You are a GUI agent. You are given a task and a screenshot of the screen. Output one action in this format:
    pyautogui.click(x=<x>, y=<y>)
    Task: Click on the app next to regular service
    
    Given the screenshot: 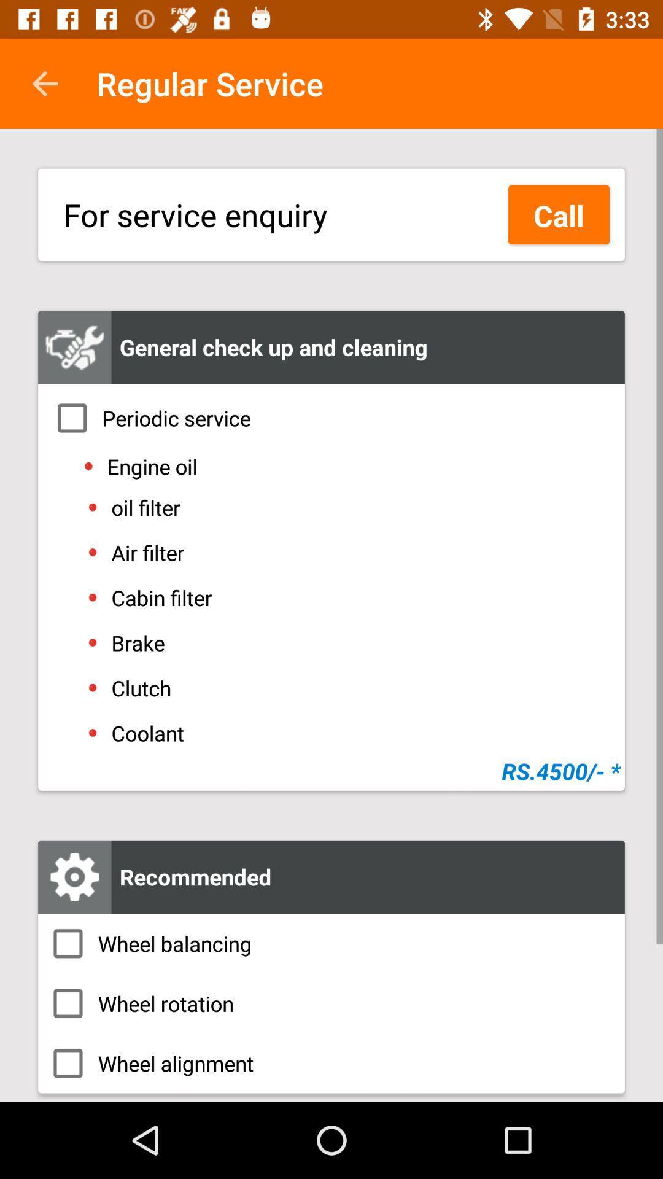 What is the action you would take?
    pyautogui.click(x=44, y=83)
    